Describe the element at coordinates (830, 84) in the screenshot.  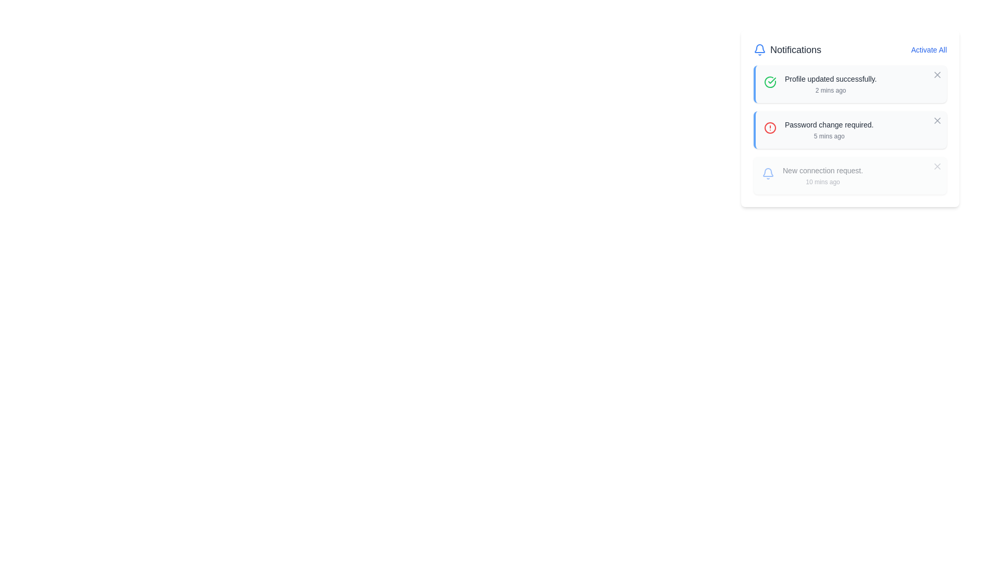
I see `the notification text area that informs the user about recent updates to their profile, located at the top of the right-side panel's notification list` at that location.